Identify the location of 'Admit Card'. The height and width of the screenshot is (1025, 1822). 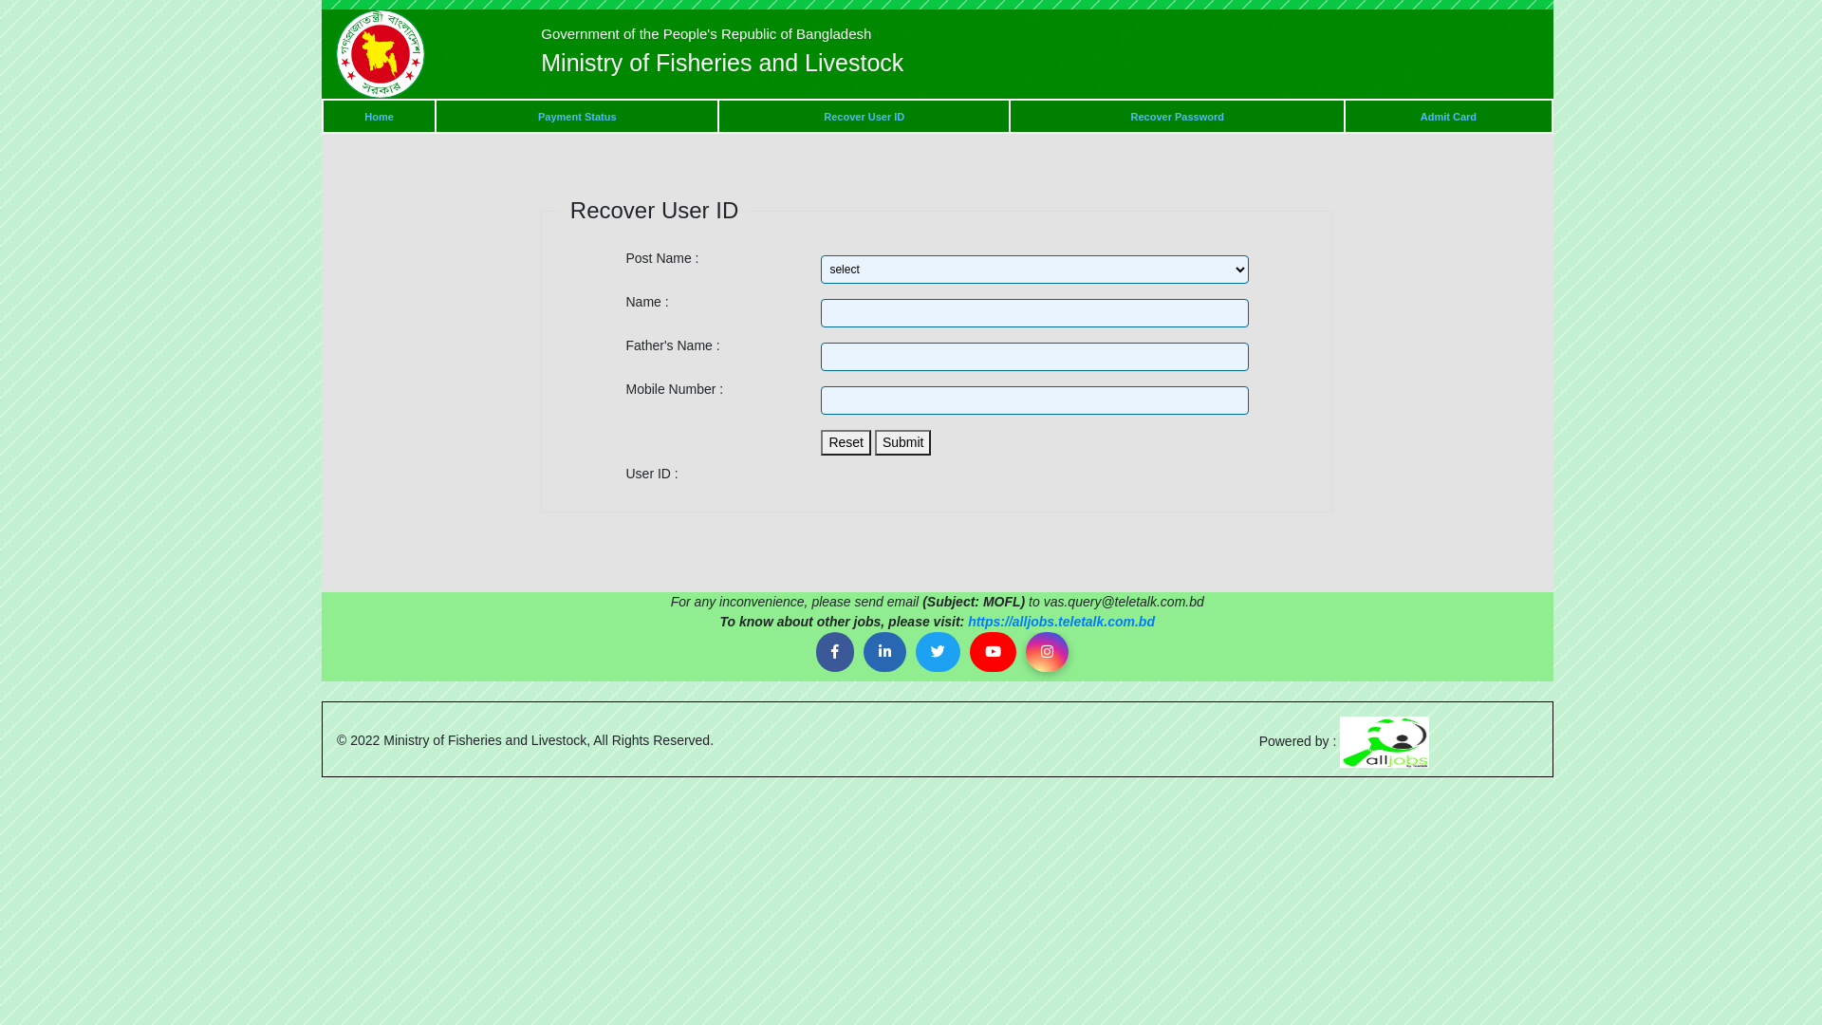
(1447, 117).